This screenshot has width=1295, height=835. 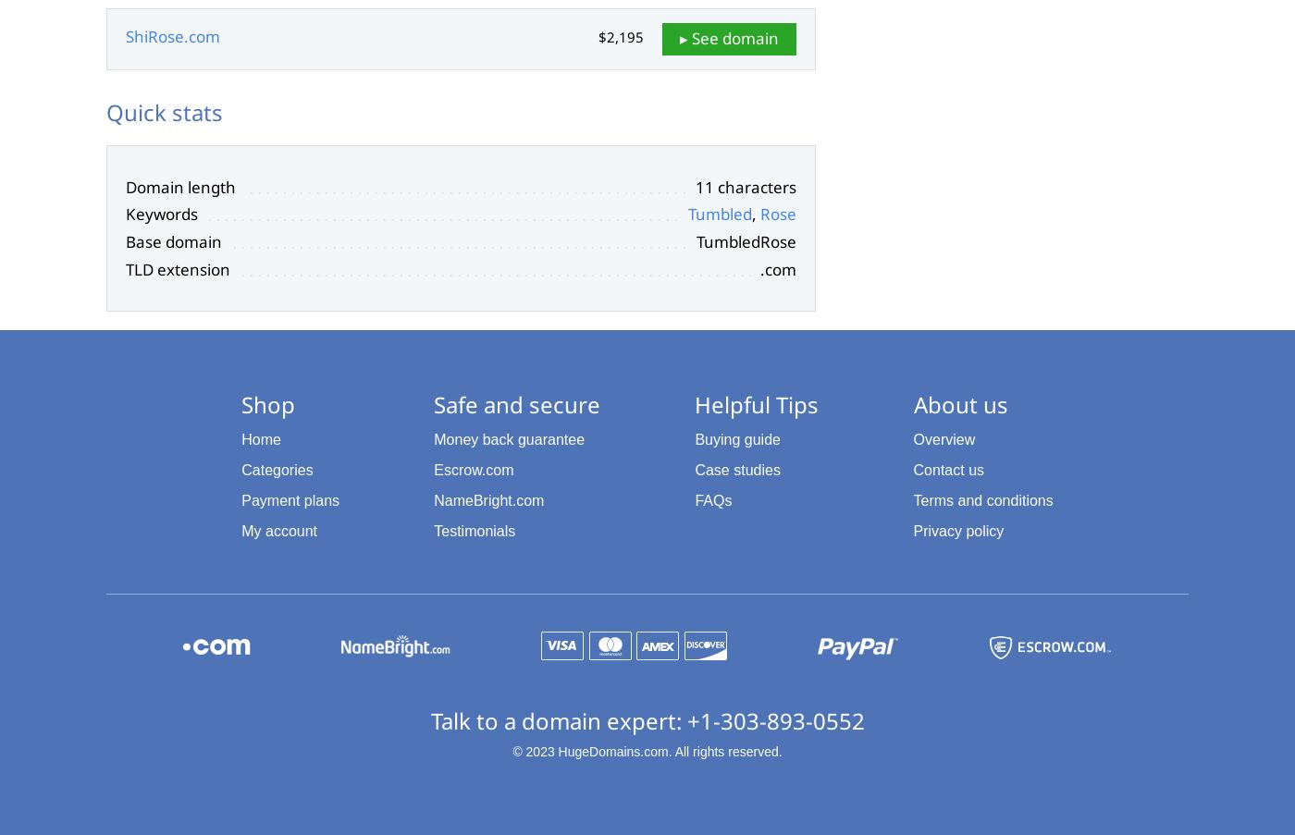 I want to click on 'ShiRose.com', so click(x=173, y=35).